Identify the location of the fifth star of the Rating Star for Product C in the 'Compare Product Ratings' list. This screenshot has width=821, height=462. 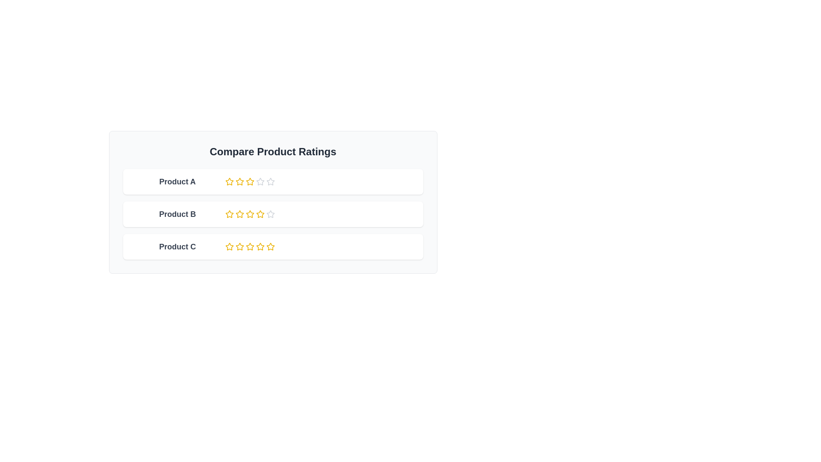
(270, 246).